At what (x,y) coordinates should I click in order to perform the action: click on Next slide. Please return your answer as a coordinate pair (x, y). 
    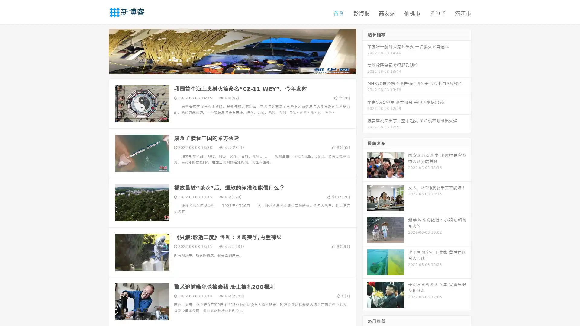
    Looking at the image, I should click on (365, 51).